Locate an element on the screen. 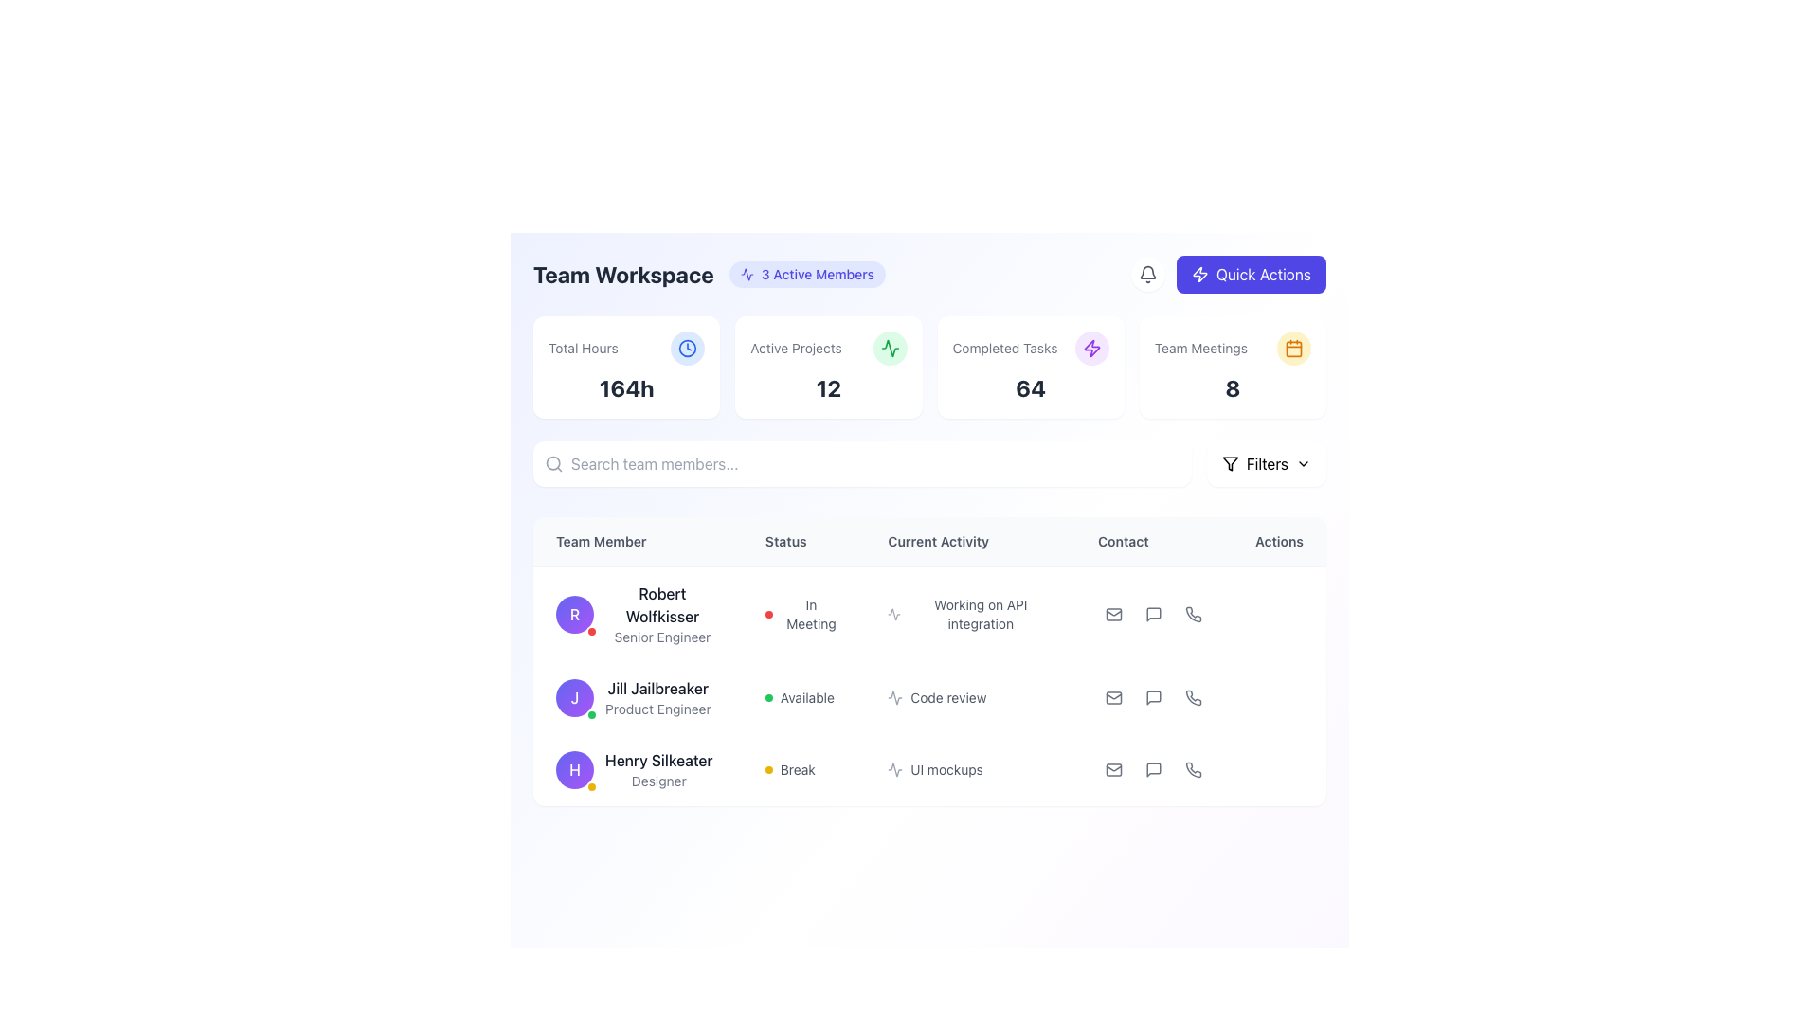  the Text Label element displaying 'Product Engineer', which is located below 'Jill Jailbreaker' in the 'Team Member' column is located at coordinates (657, 709).